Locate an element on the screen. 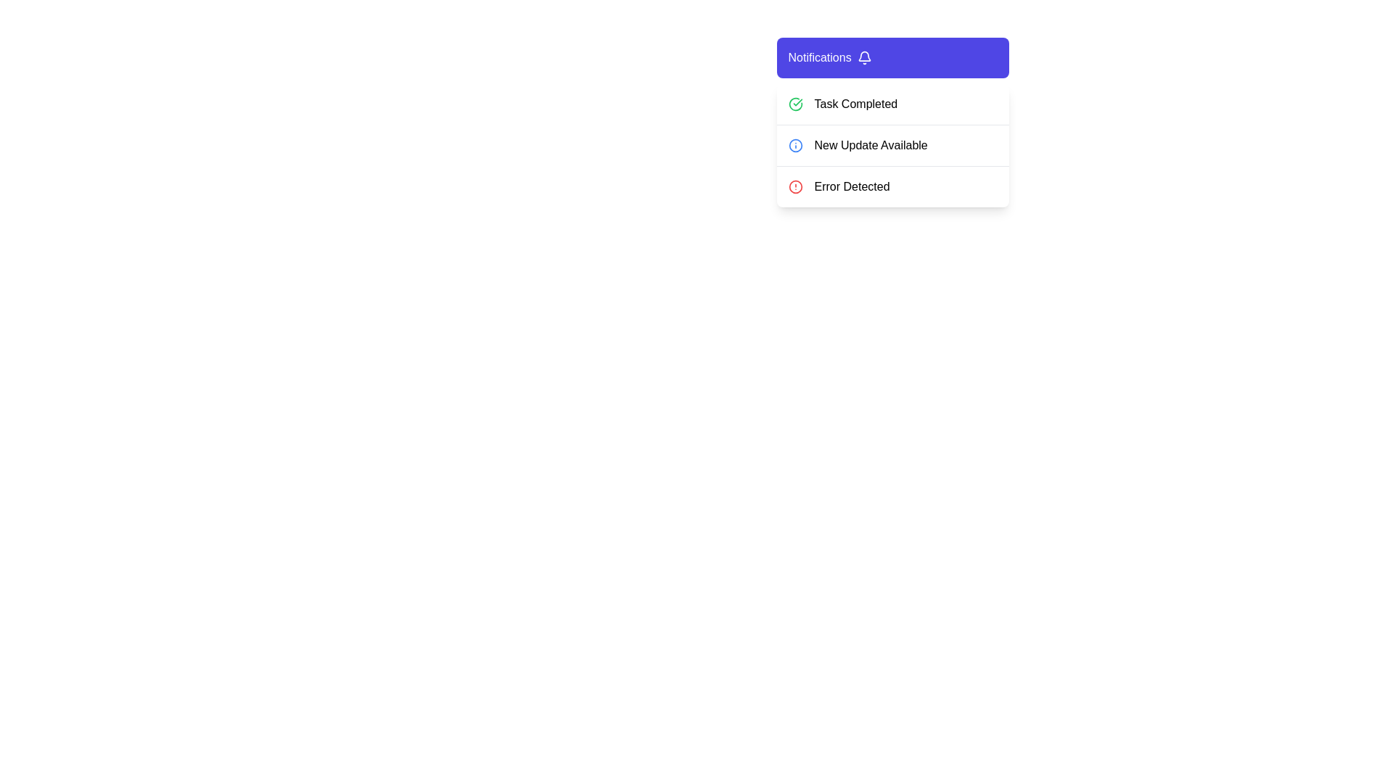 The height and width of the screenshot is (783, 1393). the 'Notifications' button to toggle the visibility of the notification menu is located at coordinates (892, 57).